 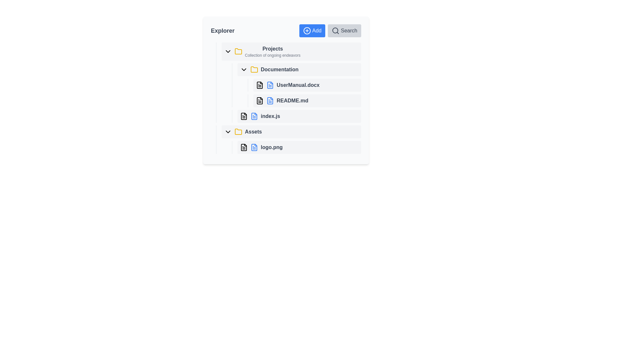 What do you see at coordinates (294, 147) in the screenshot?
I see `the file item labeled 'logo.png' located under the 'Assets' folder in the file explorer` at bounding box center [294, 147].